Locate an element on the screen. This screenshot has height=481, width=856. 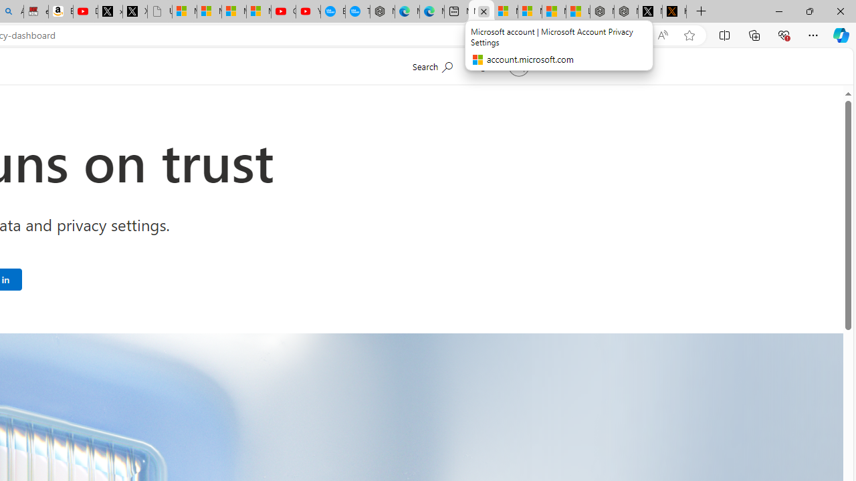
'Read aloud this page (Ctrl+Shift+U)' is located at coordinates (663, 35).